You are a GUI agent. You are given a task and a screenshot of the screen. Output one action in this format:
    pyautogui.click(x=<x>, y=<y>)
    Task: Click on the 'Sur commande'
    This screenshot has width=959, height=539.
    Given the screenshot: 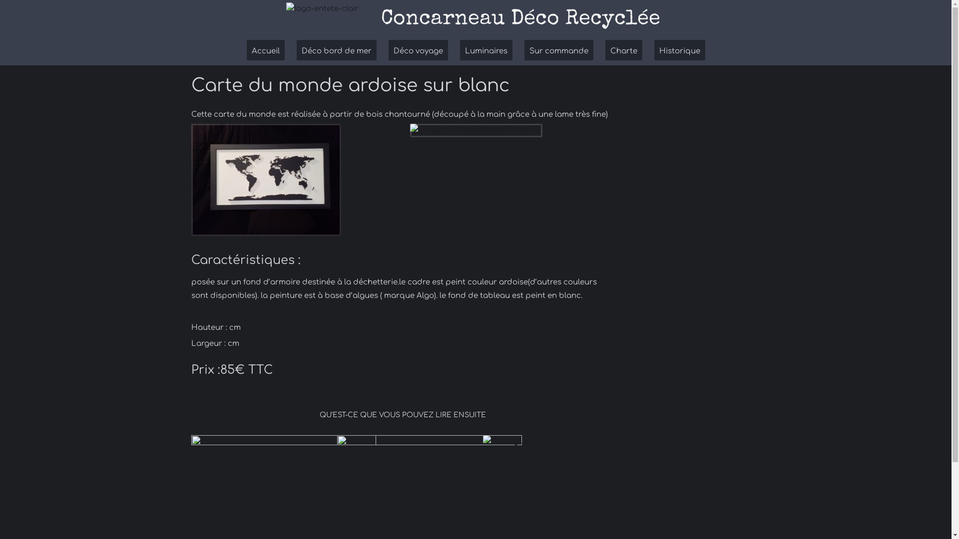 What is the action you would take?
    pyautogui.click(x=558, y=51)
    